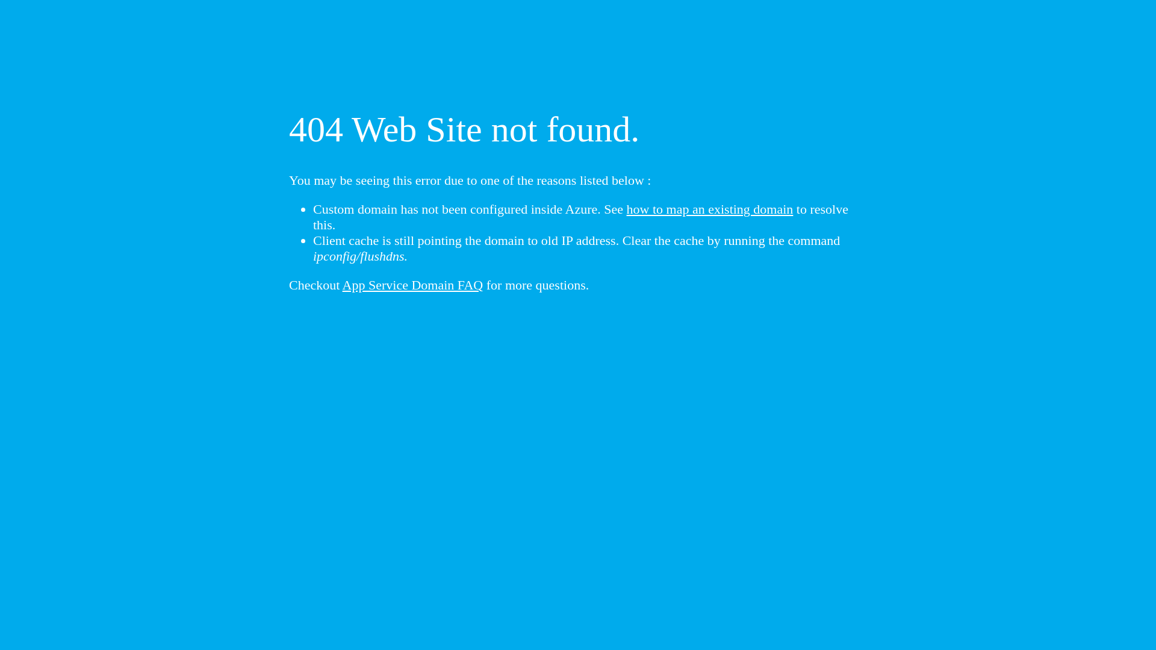 This screenshot has width=1156, height=650. Describe the element at coordinates (710, 208) in the screenshot. I see `'how to map an existing domain'` at that location.